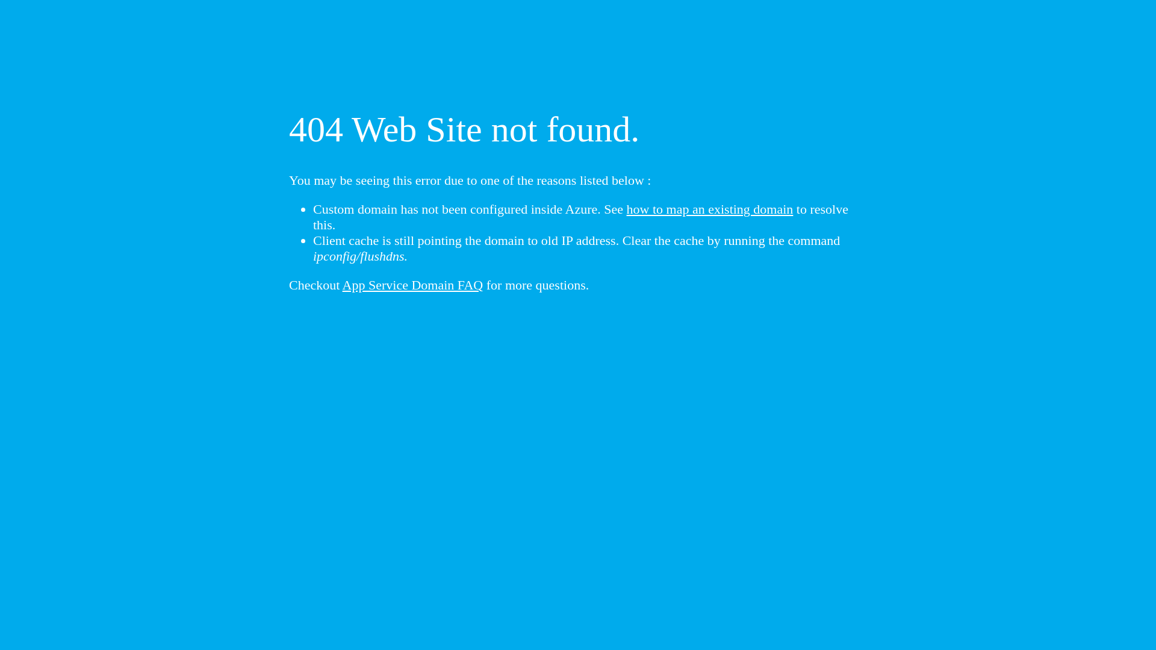 This screenshot has width=1156, height=650. Describe the element at coordinates (710, 208) in the screenshot. I see `'how to map an existing domain'` at that location.